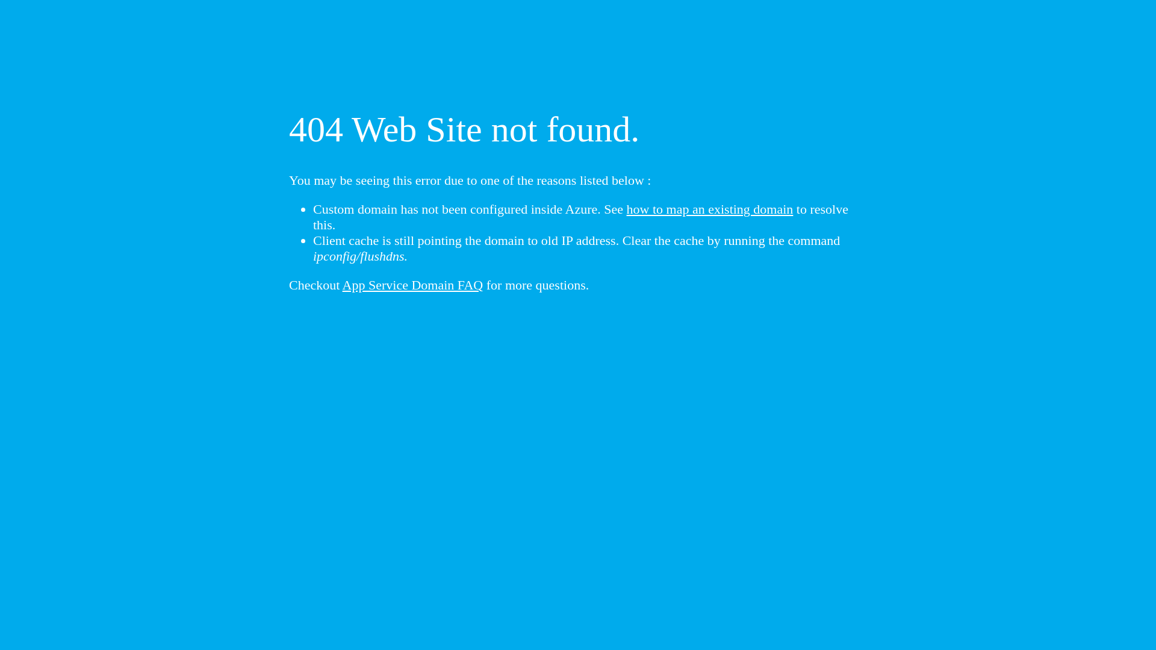 This screenshot has width=1156, height=650. Describe the element at coordinates (710, 208) in the screenshot. I see `'how to map an existing domain'` at that location.